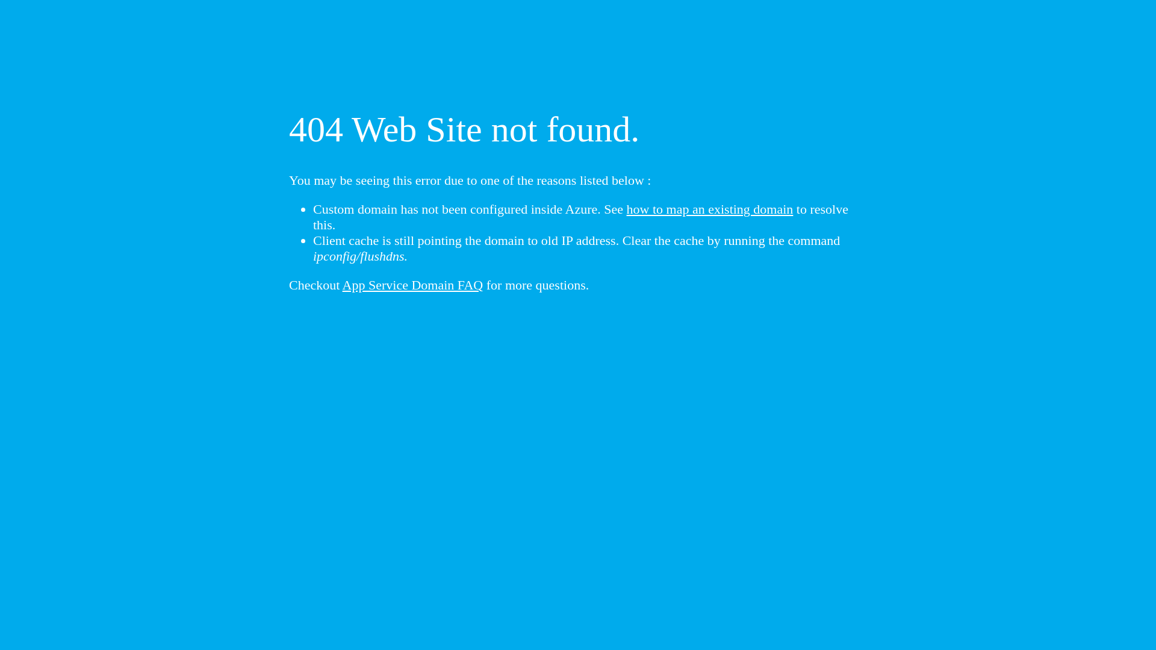 This screenshot has width=1156, height=650. Describe the element at coordinates (710, 208) in the screenshot. I see `'how to map an existing domain'` at that location.